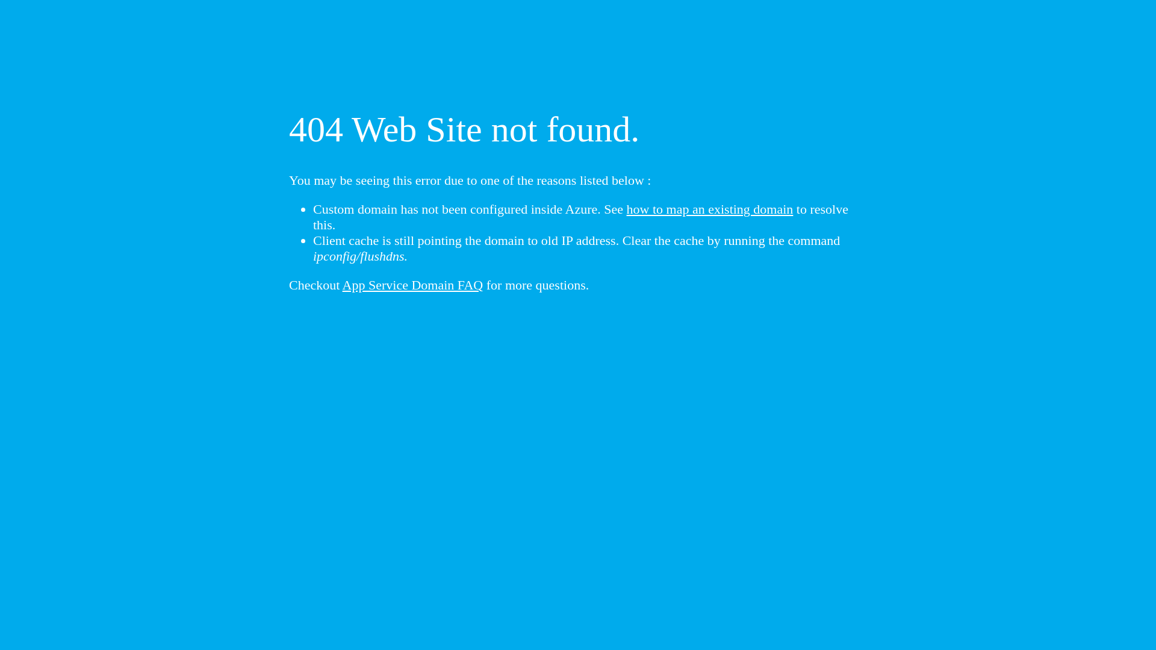 This screenshot has width=1156, height=650. Describe the element at coordinates (710, 208) in the screenshot. I see `'how to map an existing domain'` at that location.